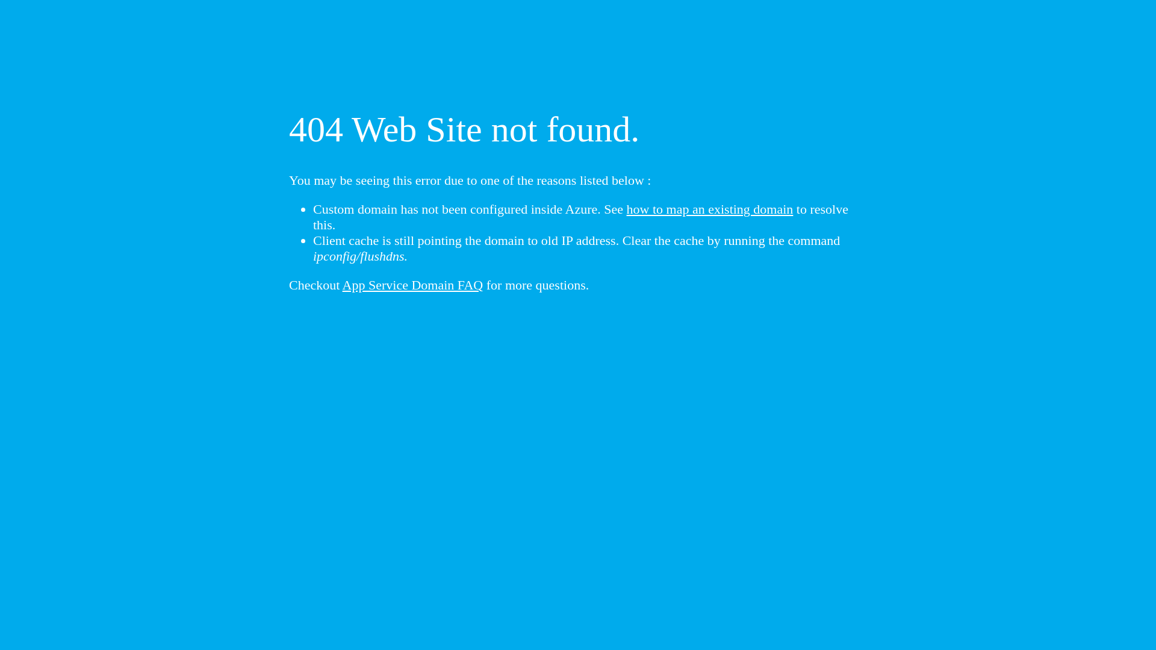 This screenshot has width=1156, height=650. Describe the element at coordinates (710, 208) in the screenshot. I see `'how to map an existing domain'` at that location.